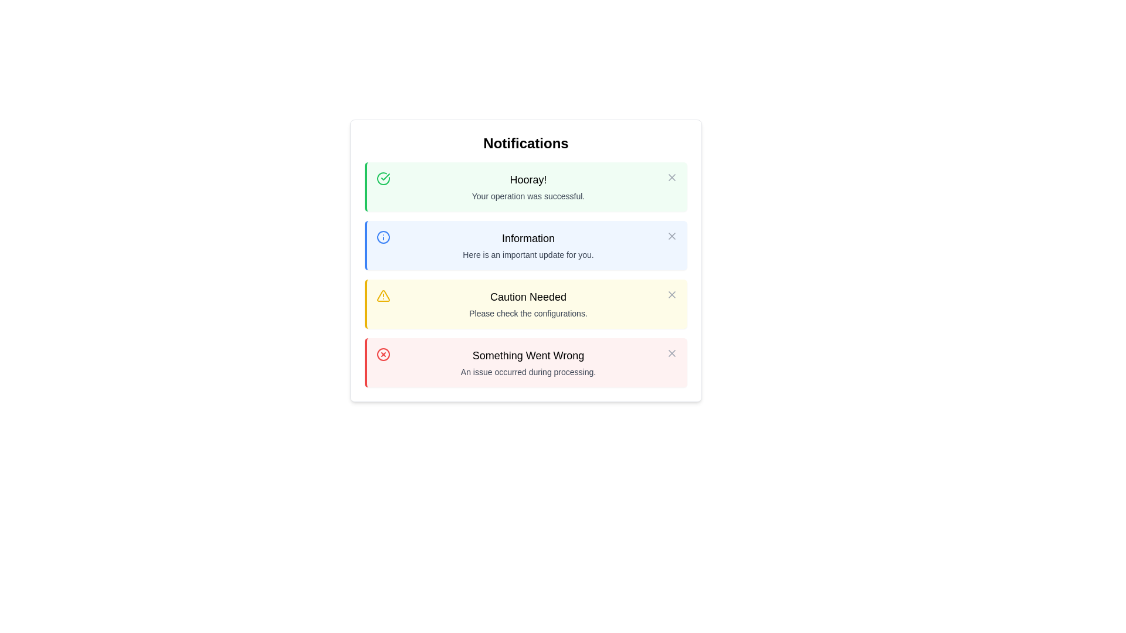 The height and width of the screenshot is (633, 1126). Describe the element at coordinates (525, 260) in the screenshot. I see `the second notification card, which has a blue left border and displays 'Information'` at that location.